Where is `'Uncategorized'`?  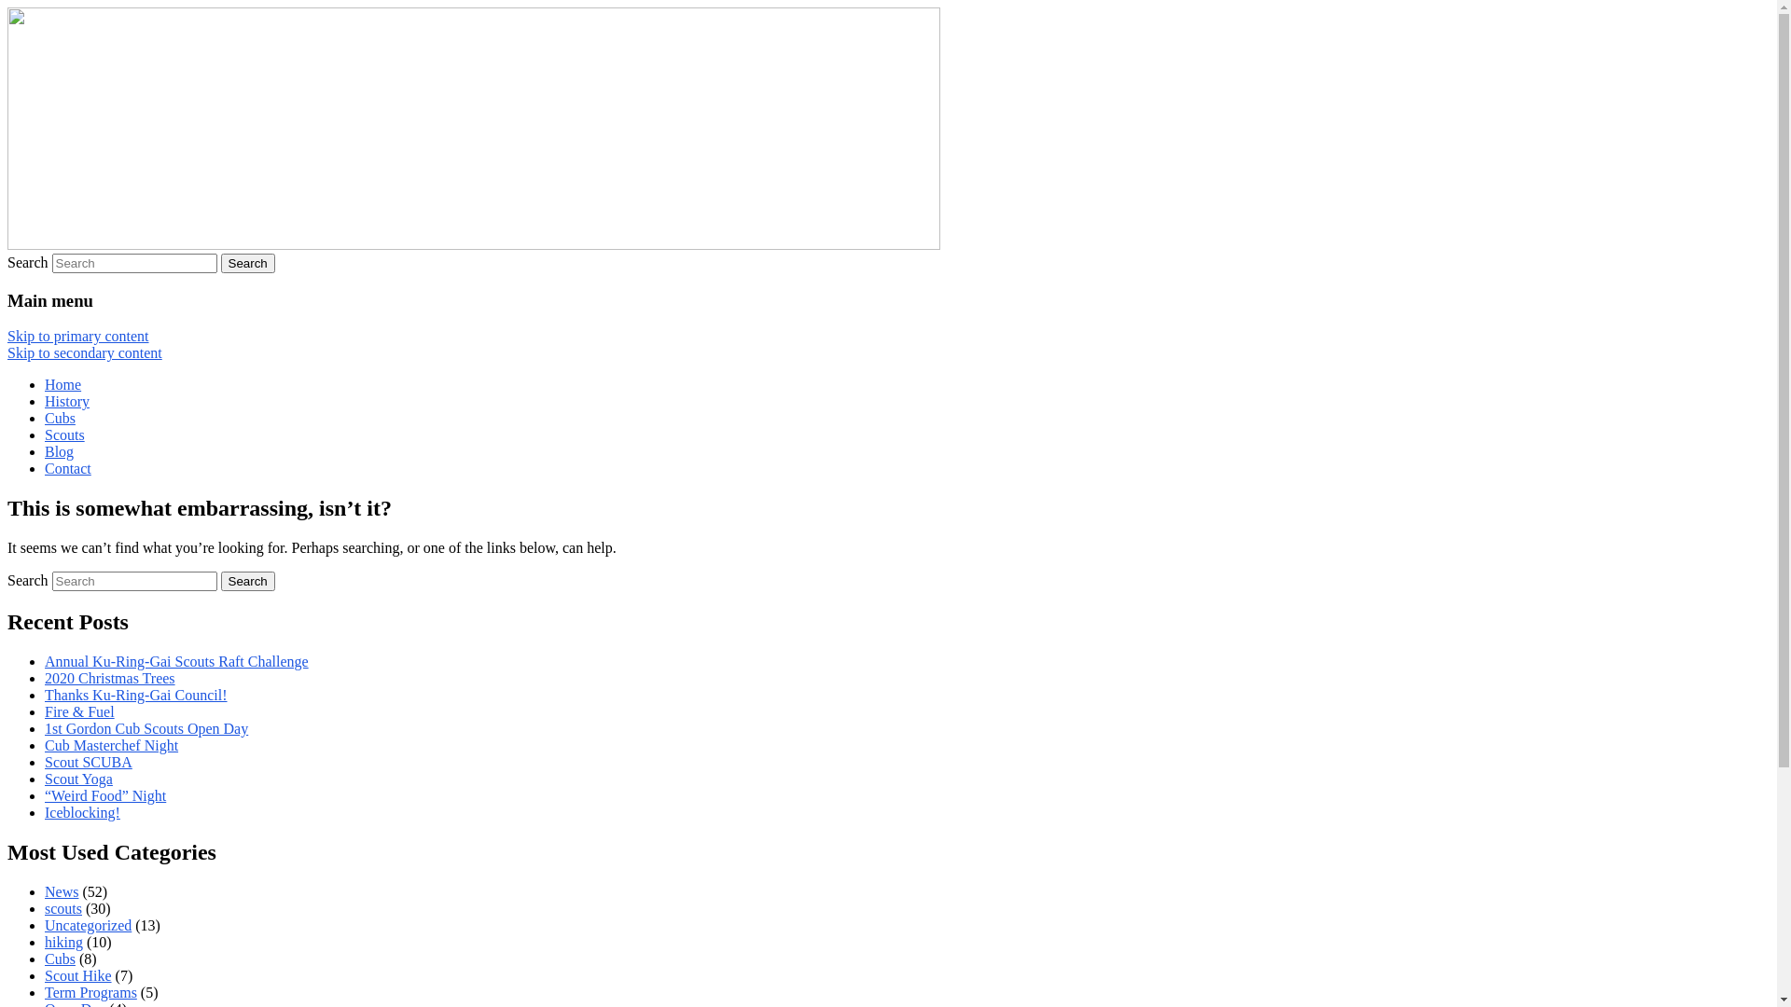 'Uncategorized' is located at coordinates (45, 925).